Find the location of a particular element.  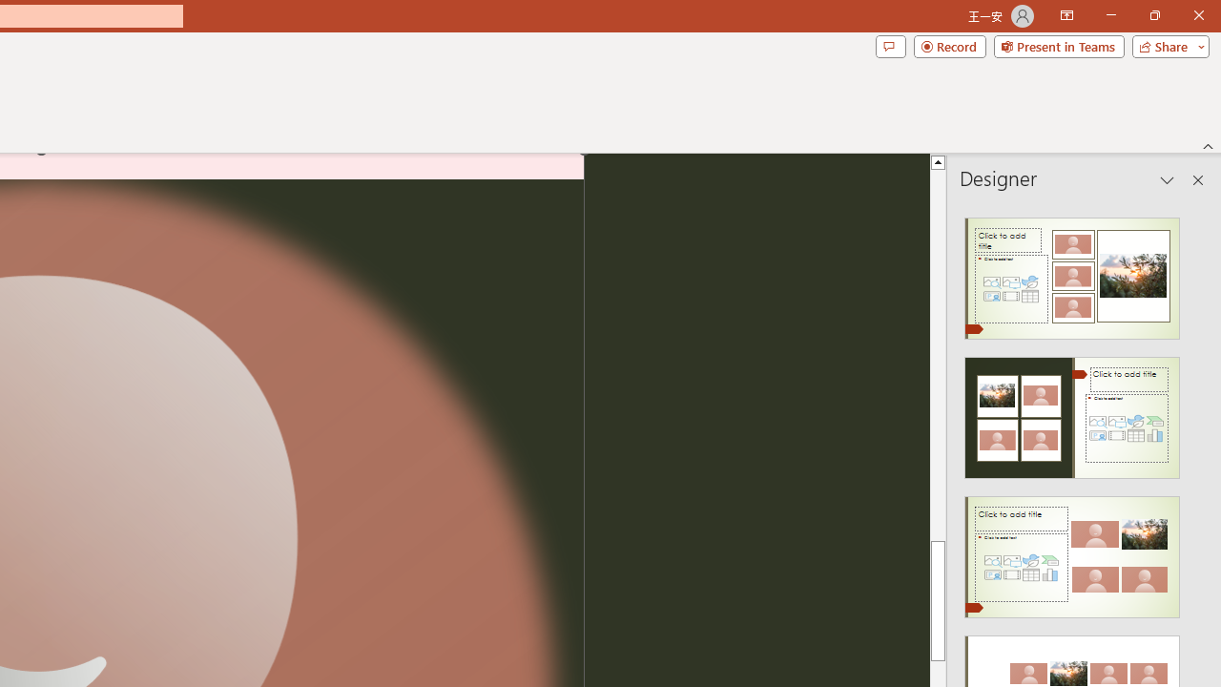

'Task Pane Options' is located at coordinates (1167, 180).